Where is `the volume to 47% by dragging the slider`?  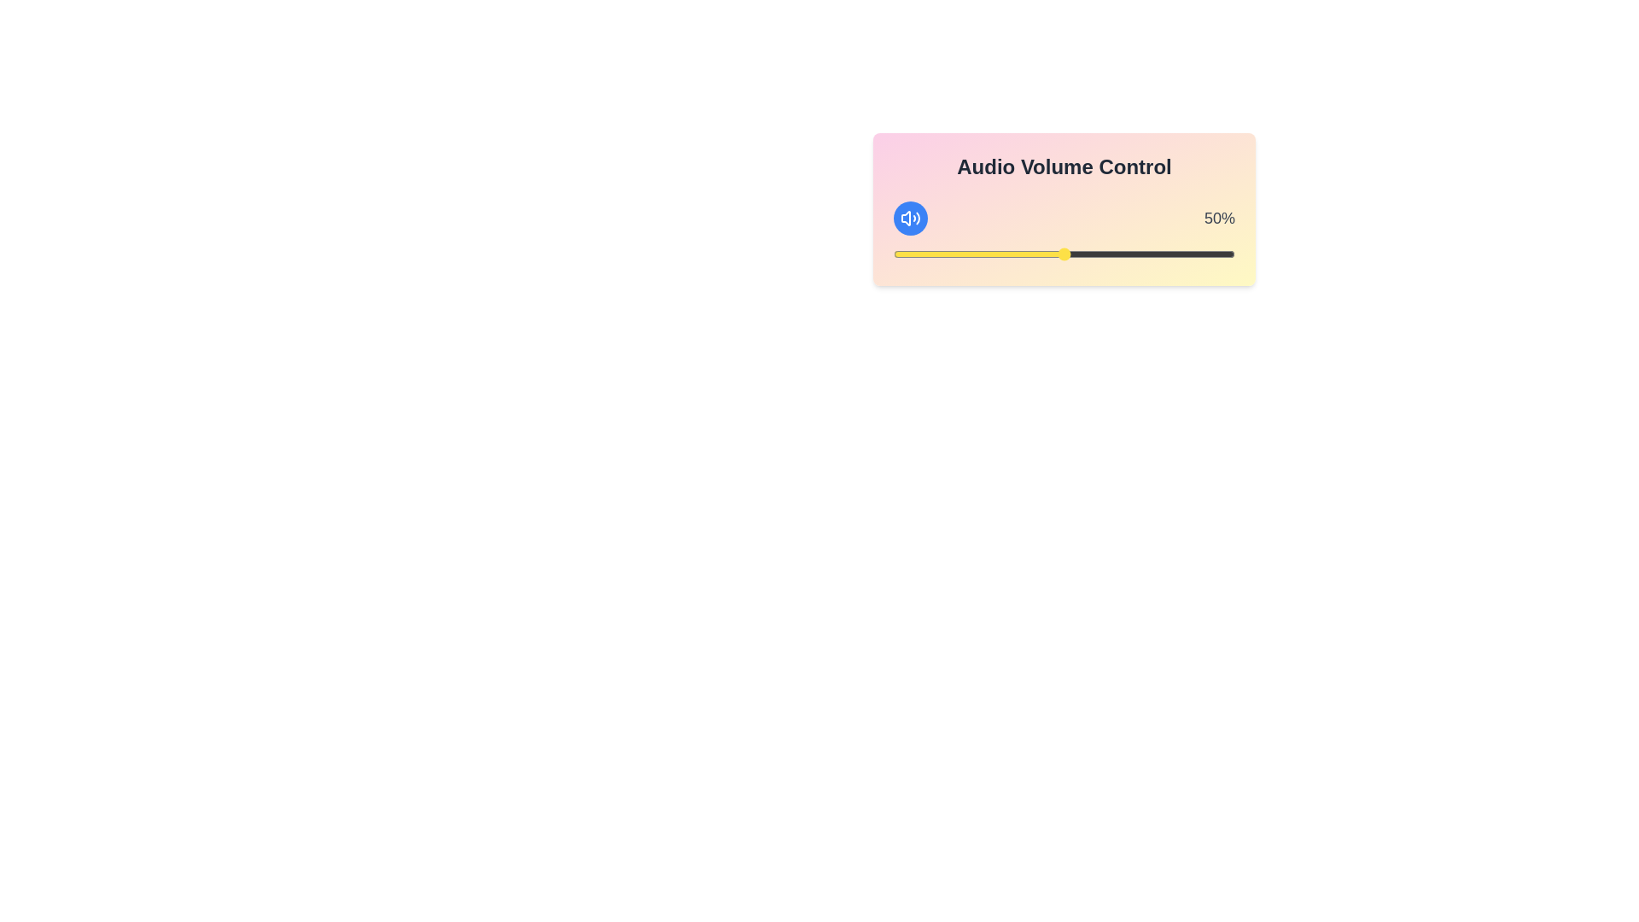
the volume to 47% by dragging the slider is located at coordinates (1053, 254).